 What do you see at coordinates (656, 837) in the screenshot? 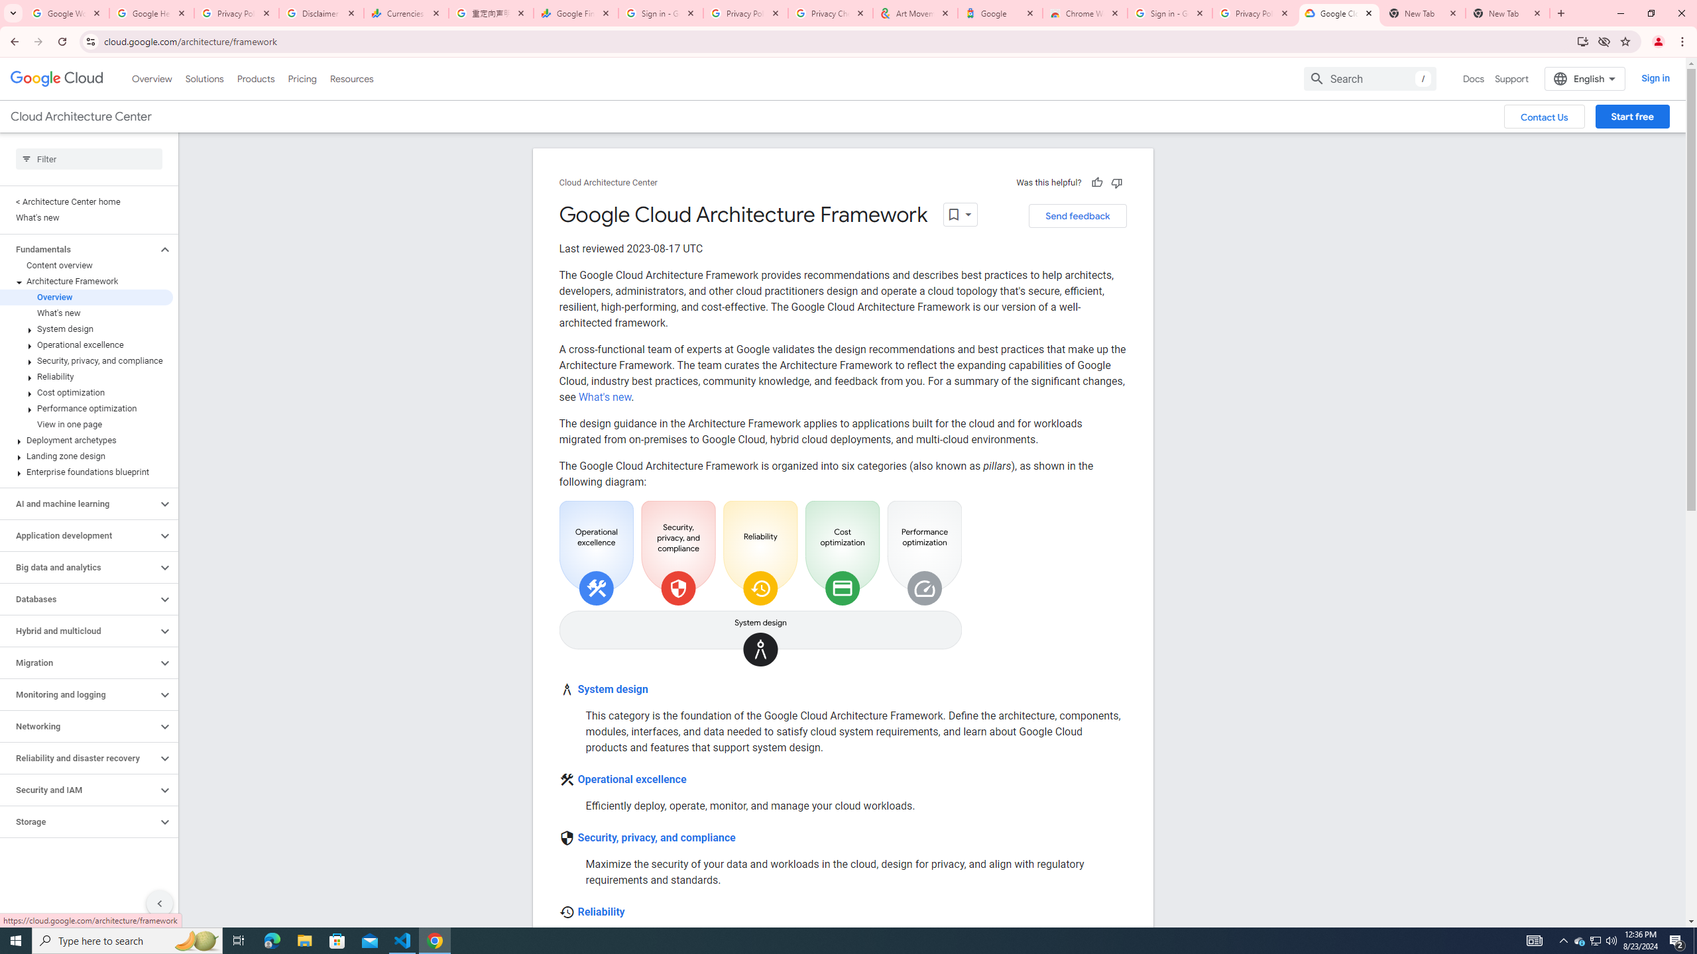
I see `'Security, privacy, and compliance'` at bounding box center [656, 837].